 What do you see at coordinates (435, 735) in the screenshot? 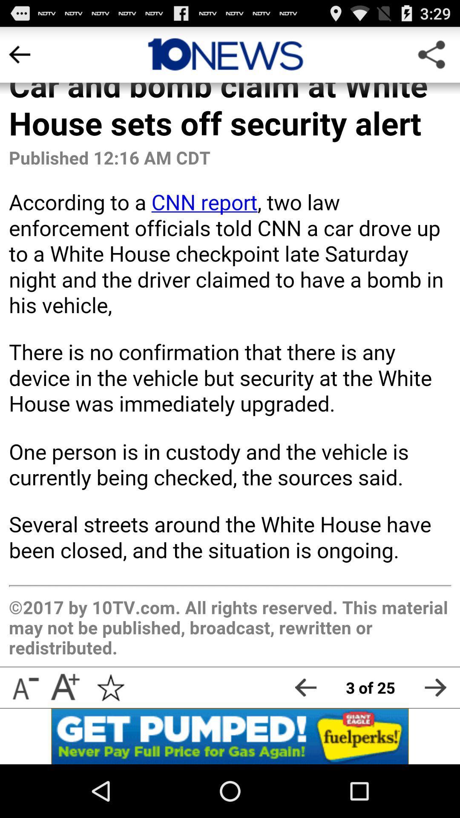
I see `the arrow_forward icon` at bounding box center [435, 735].